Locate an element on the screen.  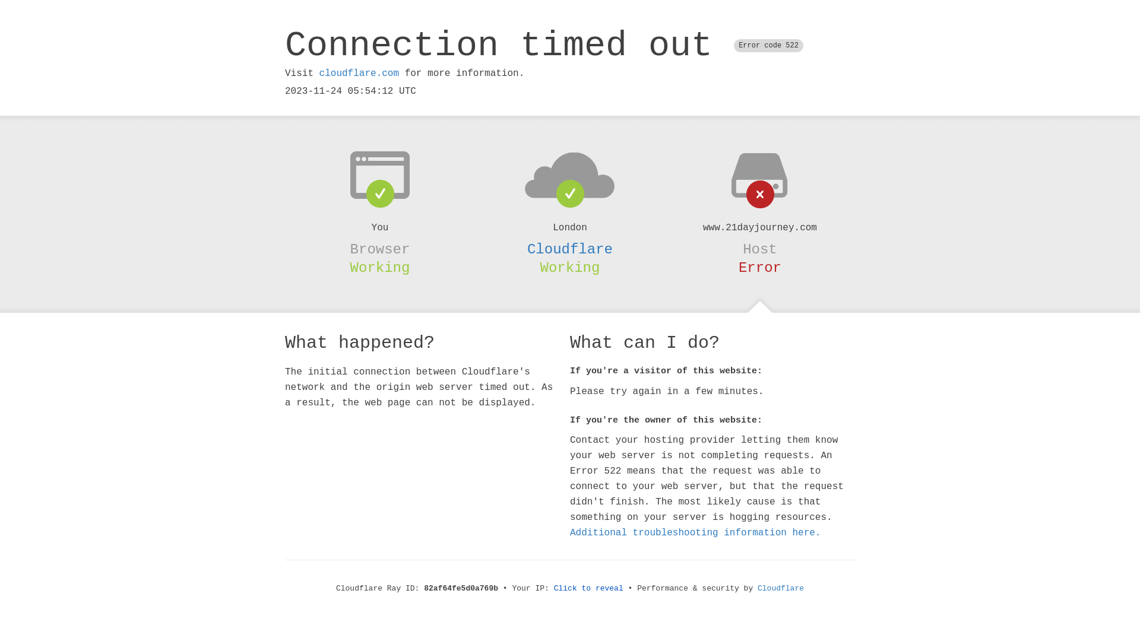
'Additional troubleshooting information here.' is located at coordinates (695, 532).